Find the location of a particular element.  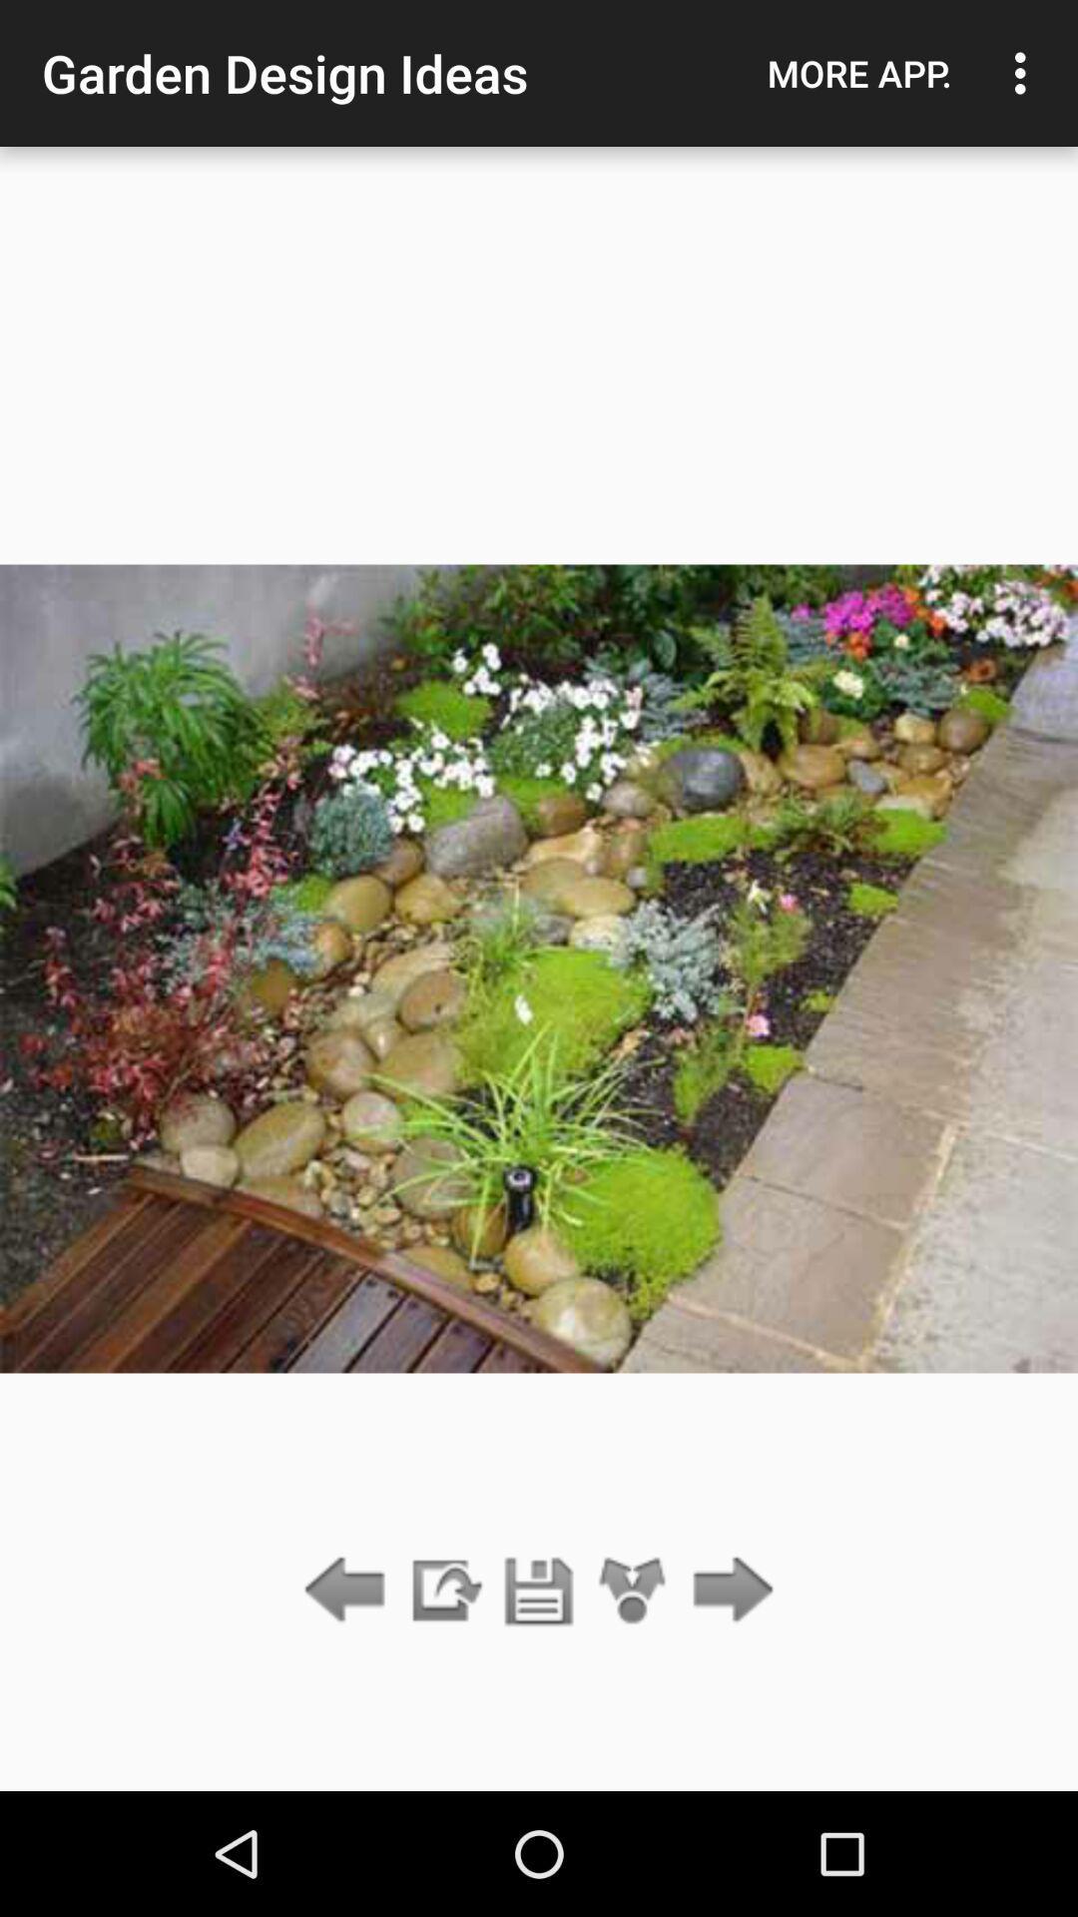

the app to the right of the garden design ideas is located at coordinates (858, 73).